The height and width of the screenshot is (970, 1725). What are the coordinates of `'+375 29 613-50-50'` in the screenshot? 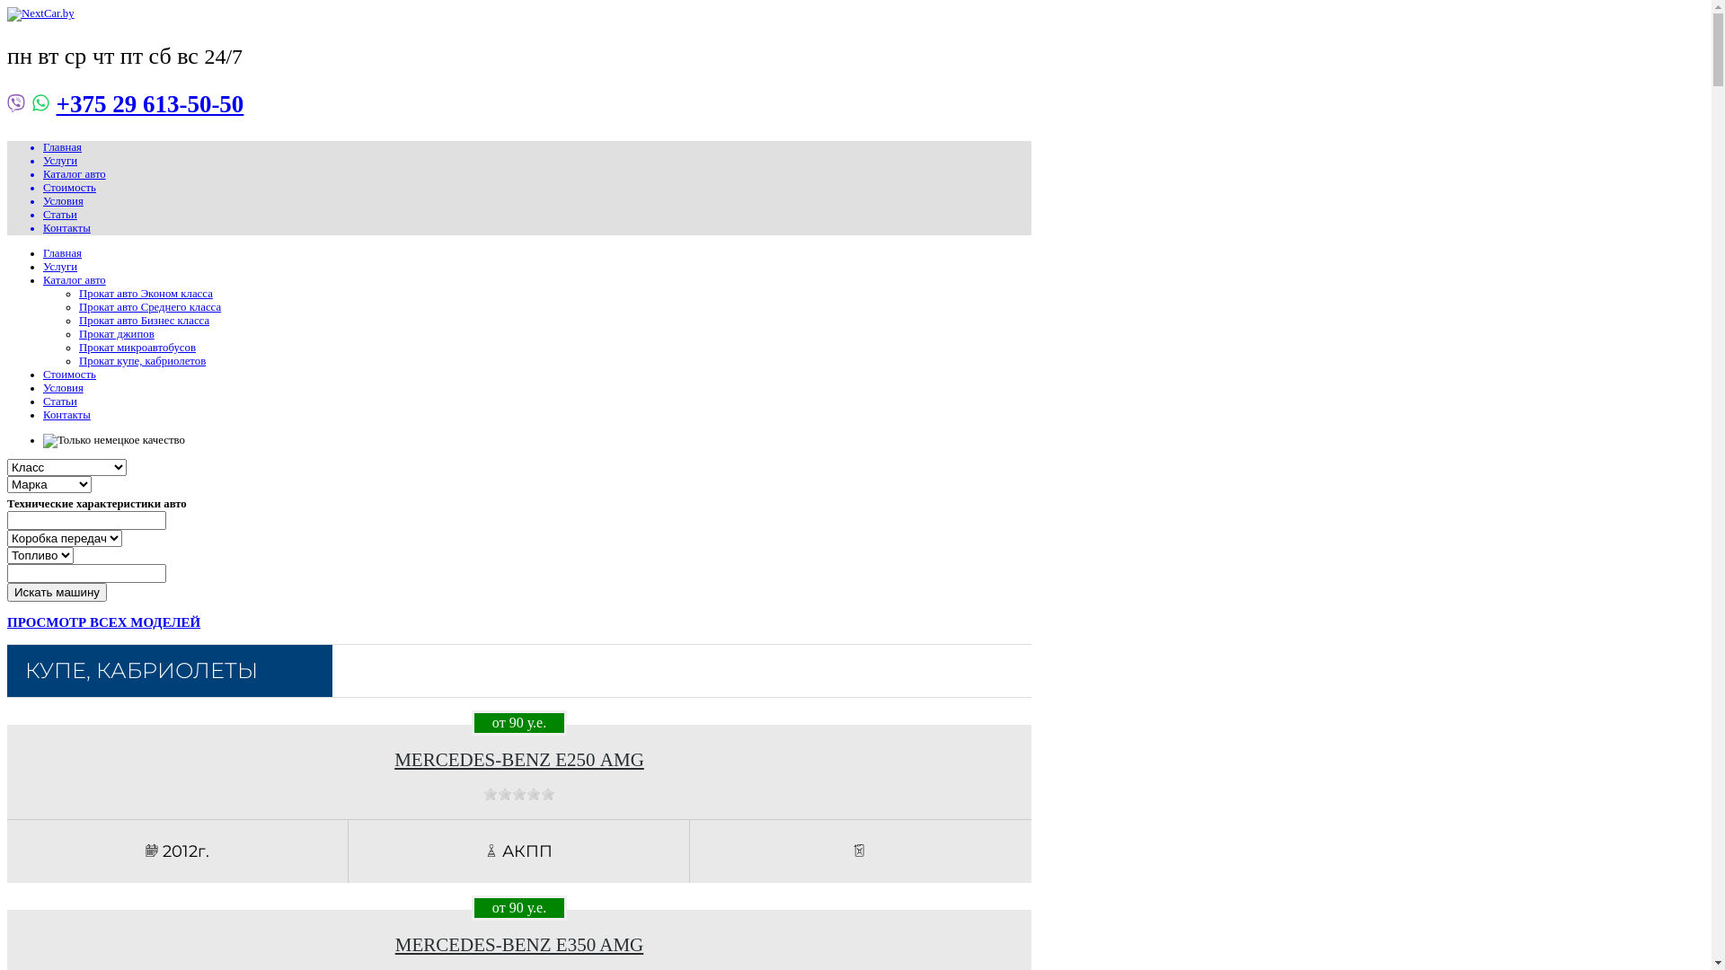 It's located at (56, 103).